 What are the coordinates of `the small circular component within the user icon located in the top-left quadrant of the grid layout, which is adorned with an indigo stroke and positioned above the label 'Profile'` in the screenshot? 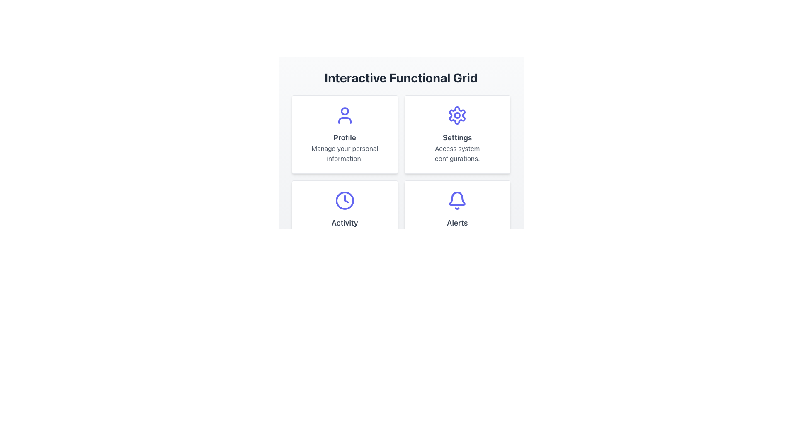 It's located at (345, 111).